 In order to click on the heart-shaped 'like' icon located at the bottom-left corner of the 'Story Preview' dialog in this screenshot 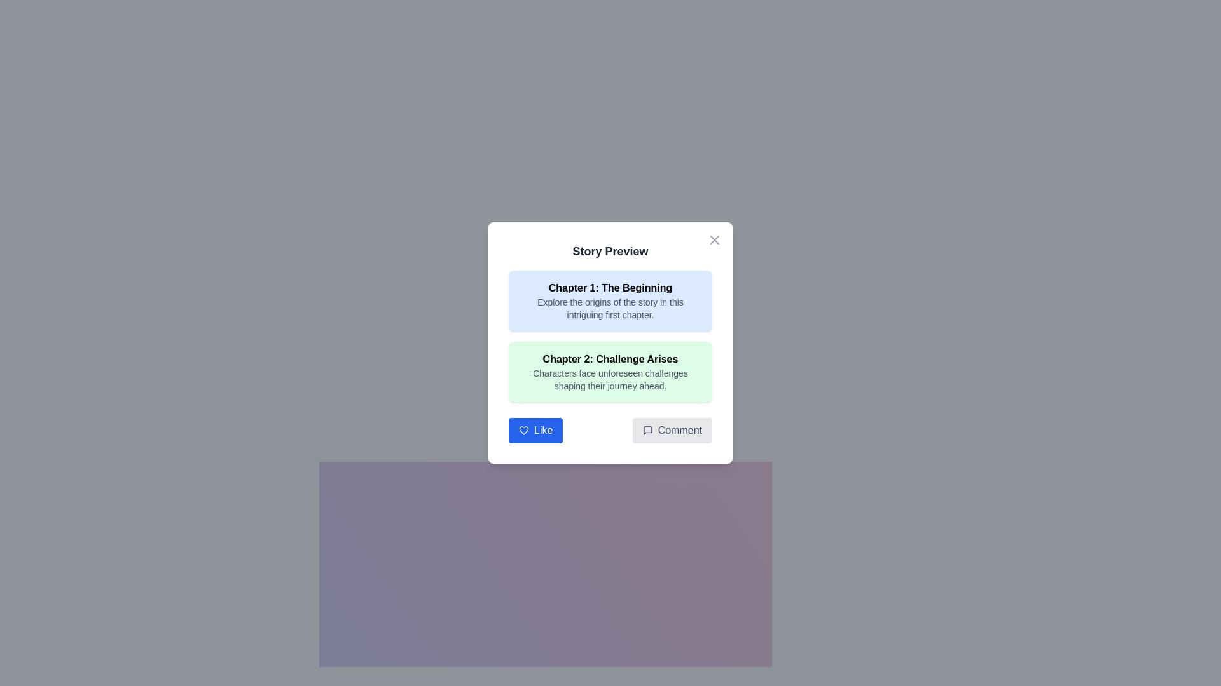, I will do `click(524, 430)`.